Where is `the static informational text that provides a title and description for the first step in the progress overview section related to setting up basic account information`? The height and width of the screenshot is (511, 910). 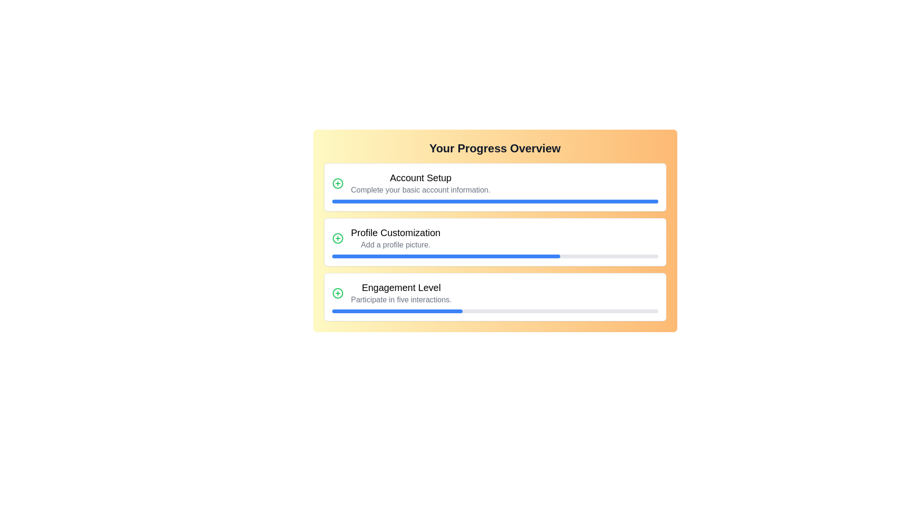 the static informational text that provides a title and description for the first step in the progress overview section related to setting up basic account information is located at coordinates (420, 184).